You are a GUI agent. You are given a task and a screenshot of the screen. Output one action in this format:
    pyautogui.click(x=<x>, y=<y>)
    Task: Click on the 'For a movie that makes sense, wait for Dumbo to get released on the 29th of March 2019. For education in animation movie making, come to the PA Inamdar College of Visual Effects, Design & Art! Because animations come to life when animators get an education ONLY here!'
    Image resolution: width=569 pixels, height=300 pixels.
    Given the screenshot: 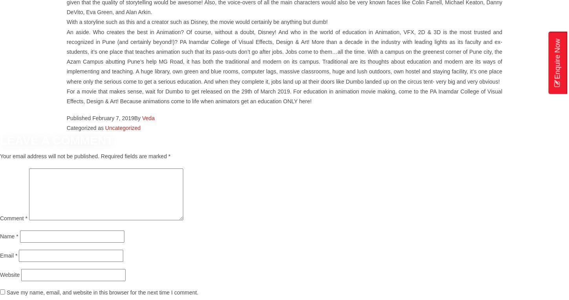 What is the action you would take?
    pyautogui.click(x=284, y=96)
    